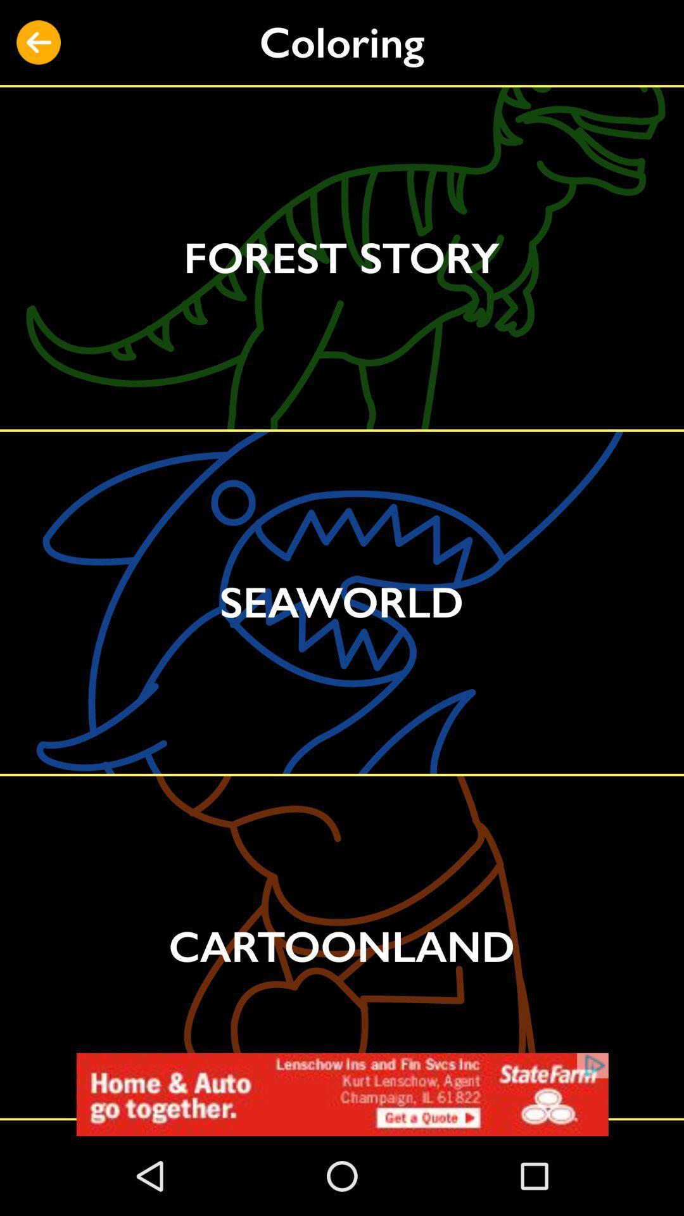 The height and width of the screenshot is (1216, 684). I want to click on the arrow_backward icon, so click(38, 42).